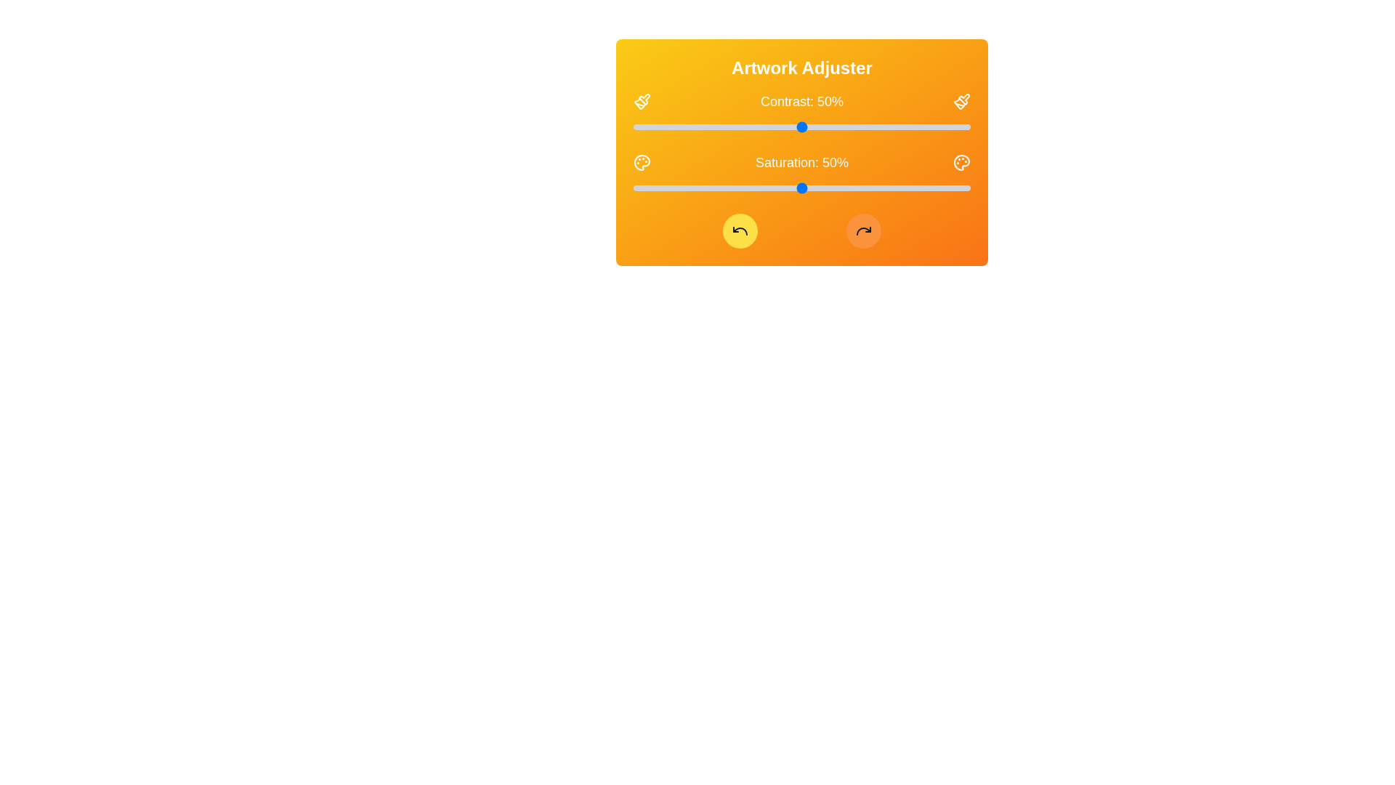 Image resolution: width=1395 pixels, height=785 pixels. What do you see at coordinates (947, 126) in the screenshot?
I see `the contrast slider to 93%` at bounding box center [947, 126].